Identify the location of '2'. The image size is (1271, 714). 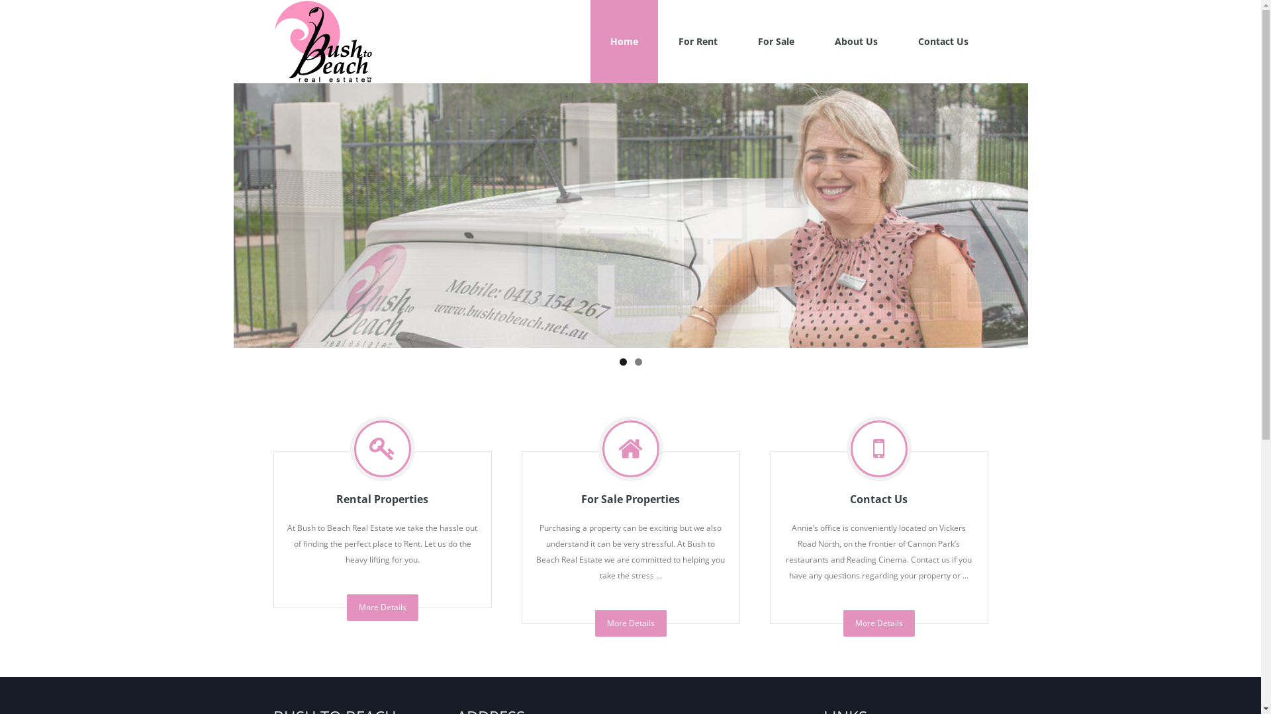
(637, 362).